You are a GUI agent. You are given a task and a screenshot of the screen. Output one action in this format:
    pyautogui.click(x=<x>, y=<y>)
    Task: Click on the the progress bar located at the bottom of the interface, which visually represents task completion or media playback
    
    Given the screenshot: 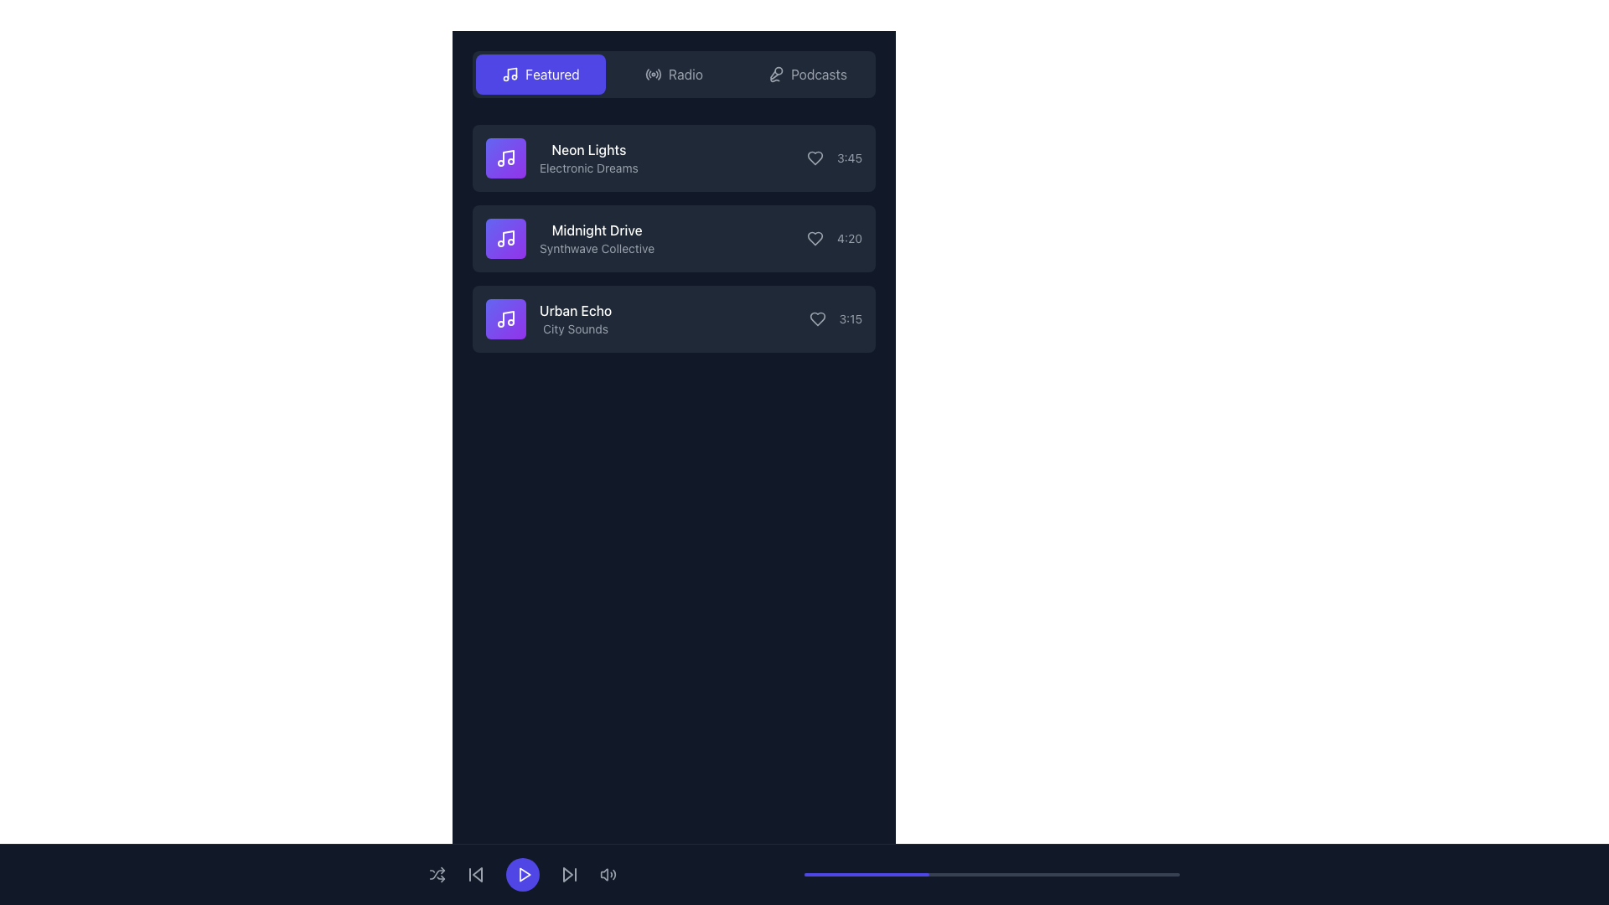 What is the action you would take?
    pyautogui.click(x=992, y=874)
    